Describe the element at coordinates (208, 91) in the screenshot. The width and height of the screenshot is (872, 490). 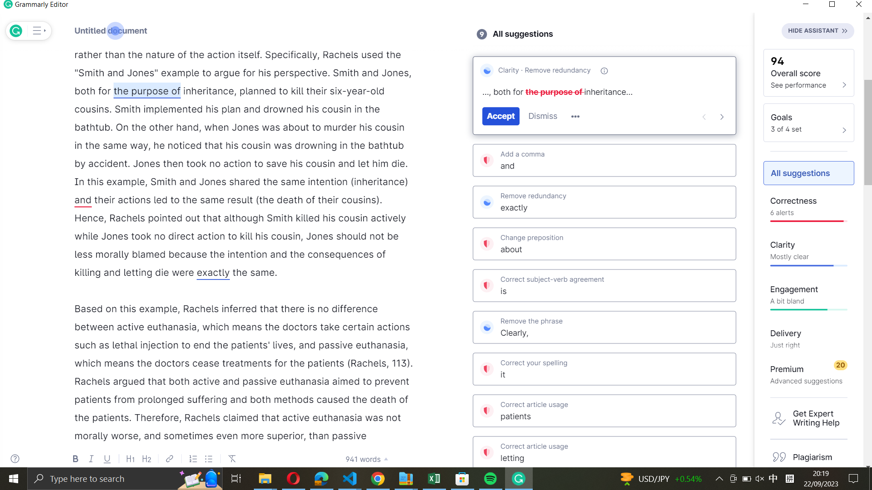
I see `Agree with Grammarly"s suggested amendment for the keyword "inheritance` at that location.